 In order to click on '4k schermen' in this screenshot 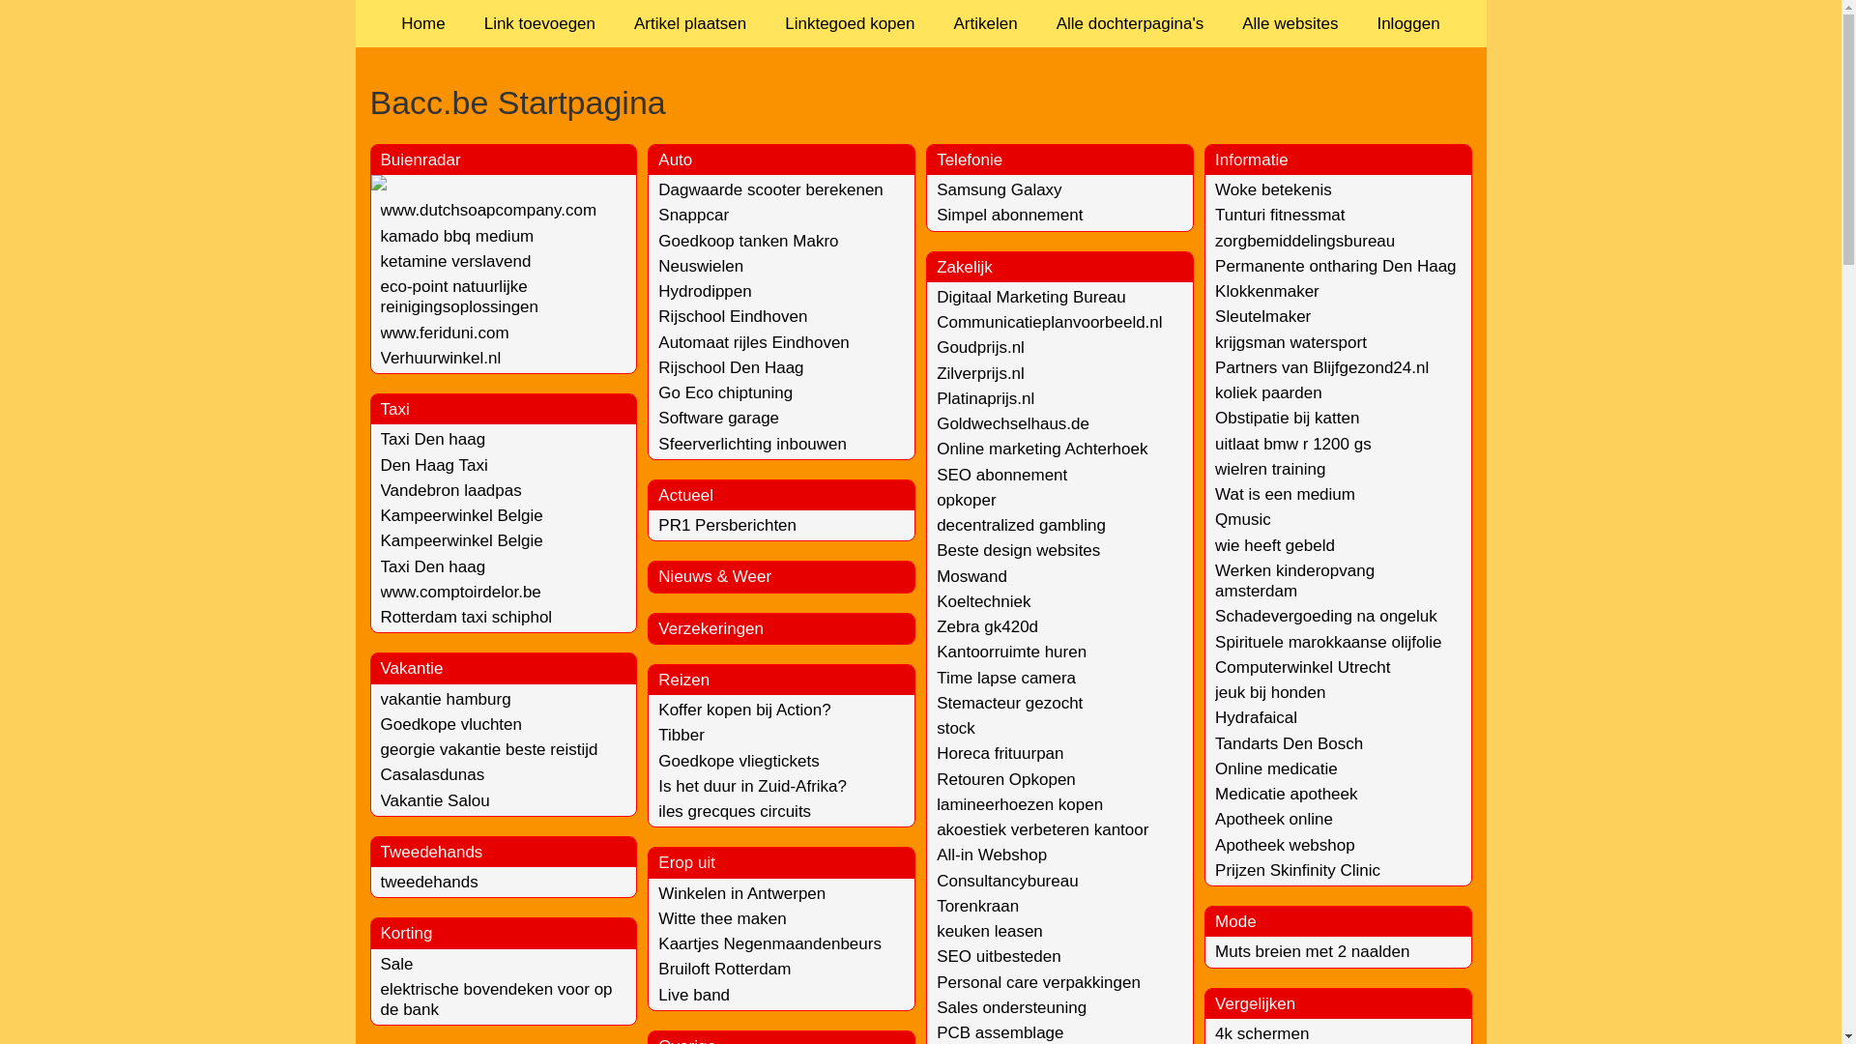, I will do `click(1214, 1032)`.